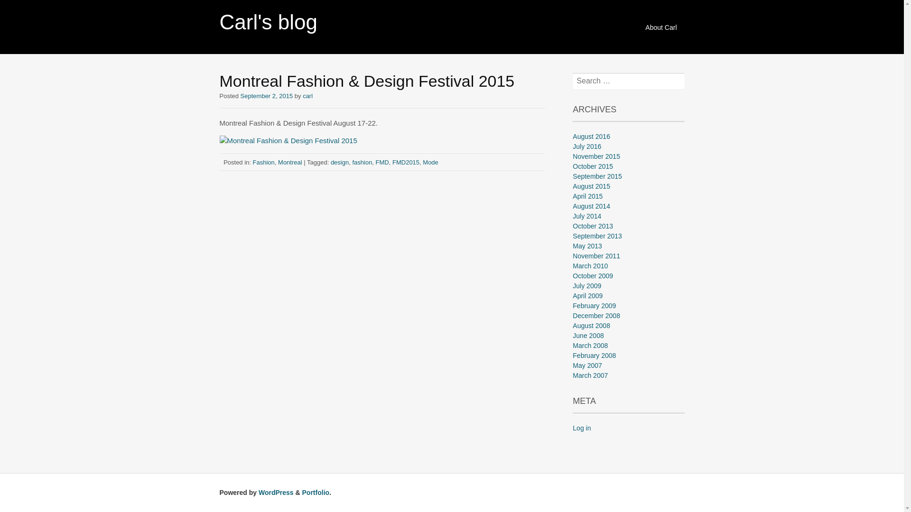 This screenshot has width=911, height=512. Describe the element at coordinates (572, 375) in the screenshot. I see `'March 2007'` at that location.